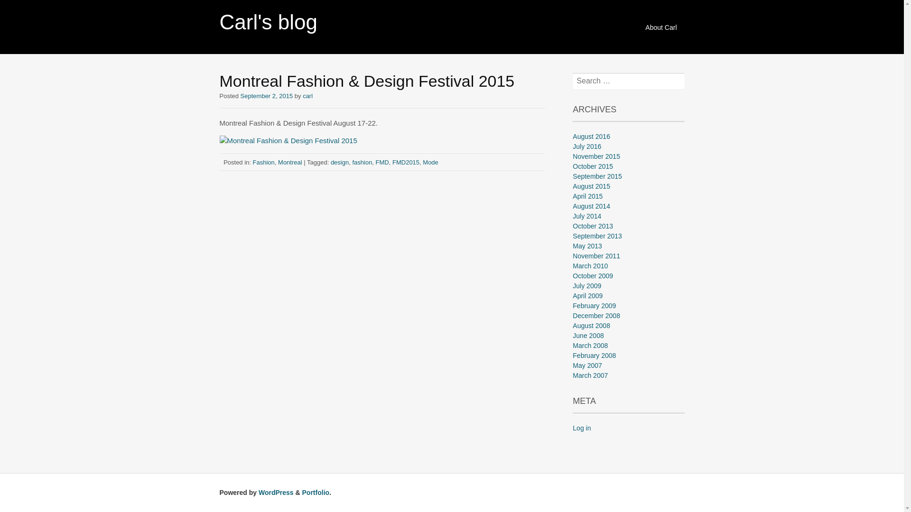 This screenshot has width=911, height=512. Describe the element at coordinates (572, 375) in the screenshot. I see `'March 2007'` at that location.